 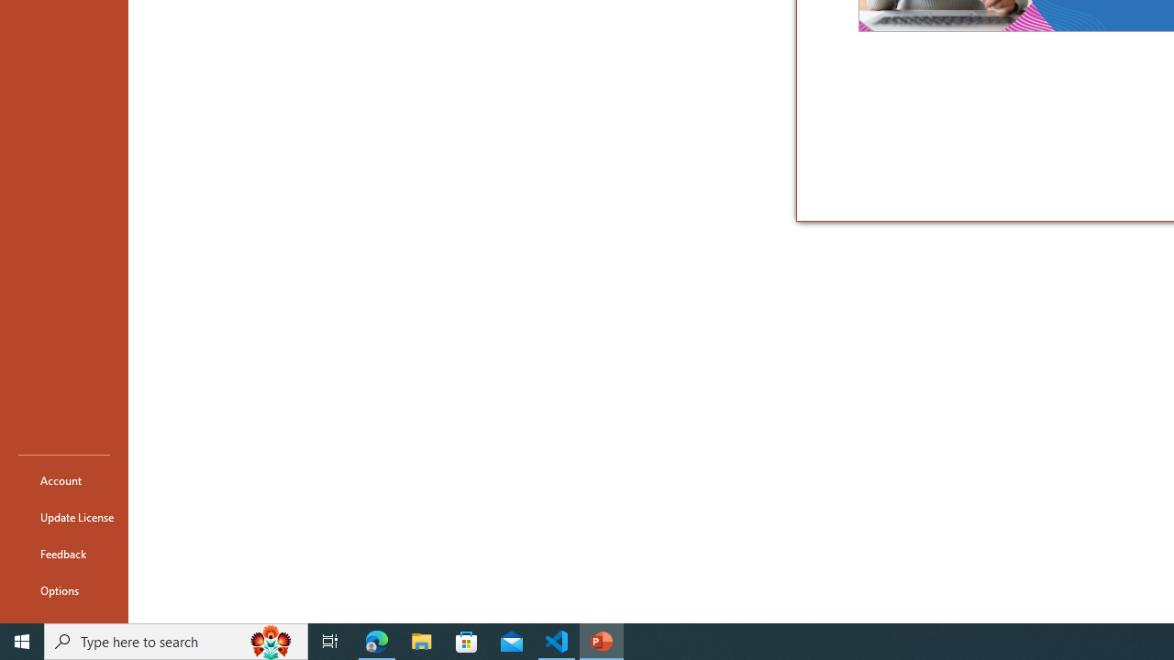 What do you see at coordinates (63, 517) in the screenshot?
I see `'Update License'` at bounding box center [63, 517].